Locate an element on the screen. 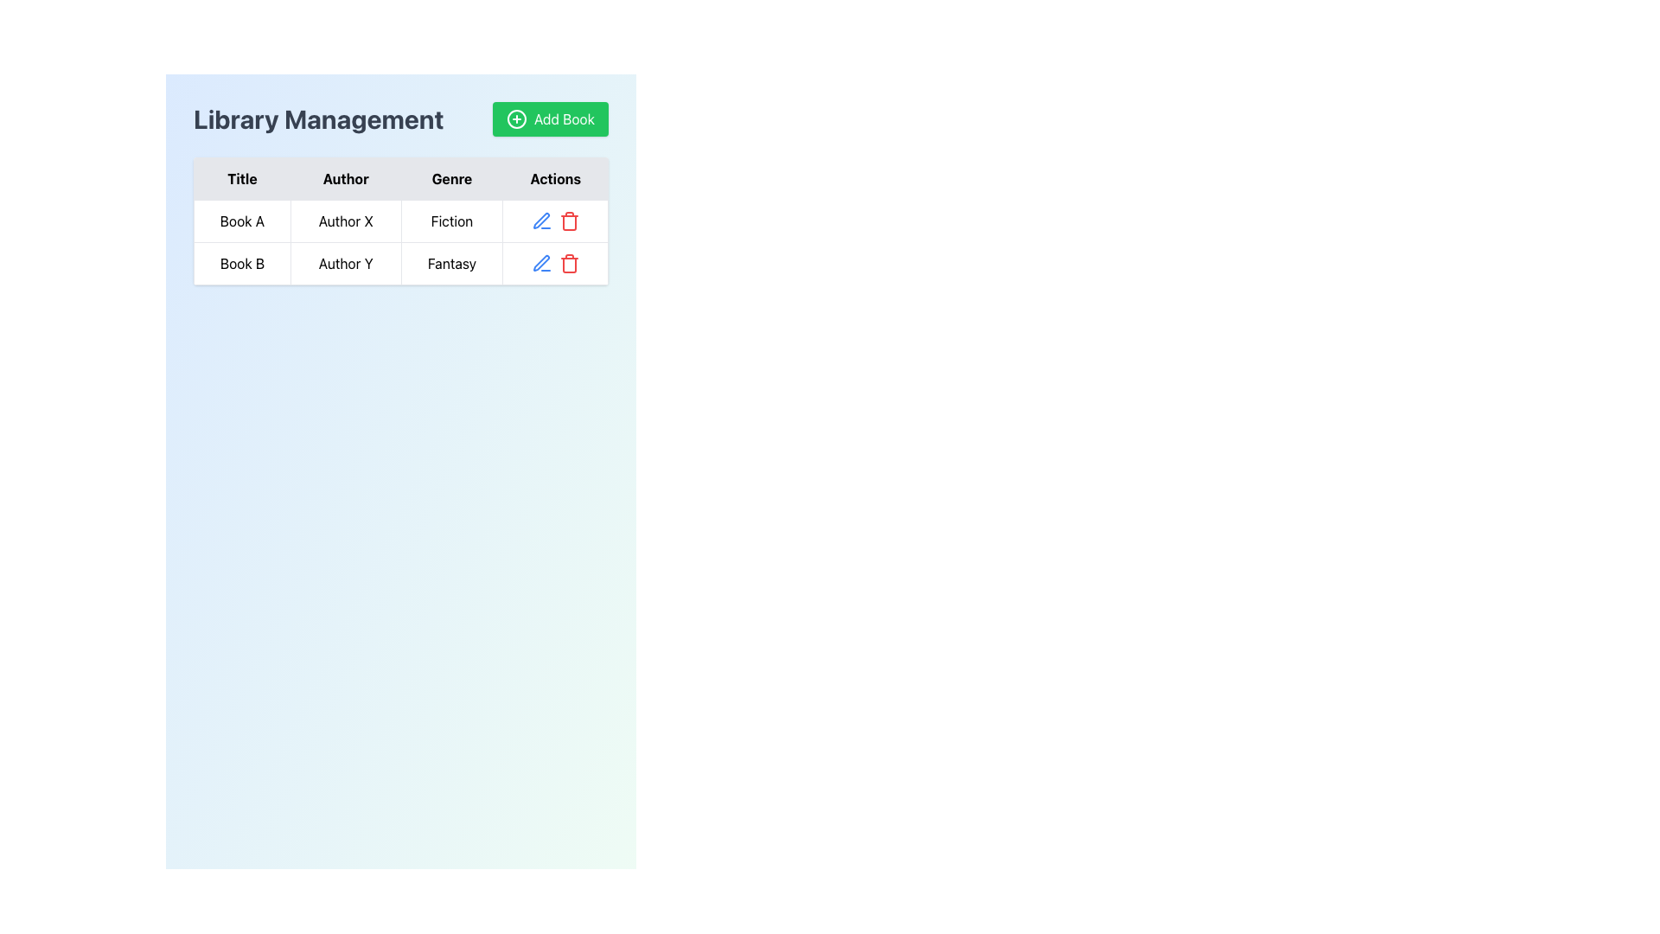 The width and height of the screenshot is (1660, 934). the deletion icon located in the second row of the 'Actions' column, to the right of the genre 'Fantasy' is located at coordinates (569, 220).